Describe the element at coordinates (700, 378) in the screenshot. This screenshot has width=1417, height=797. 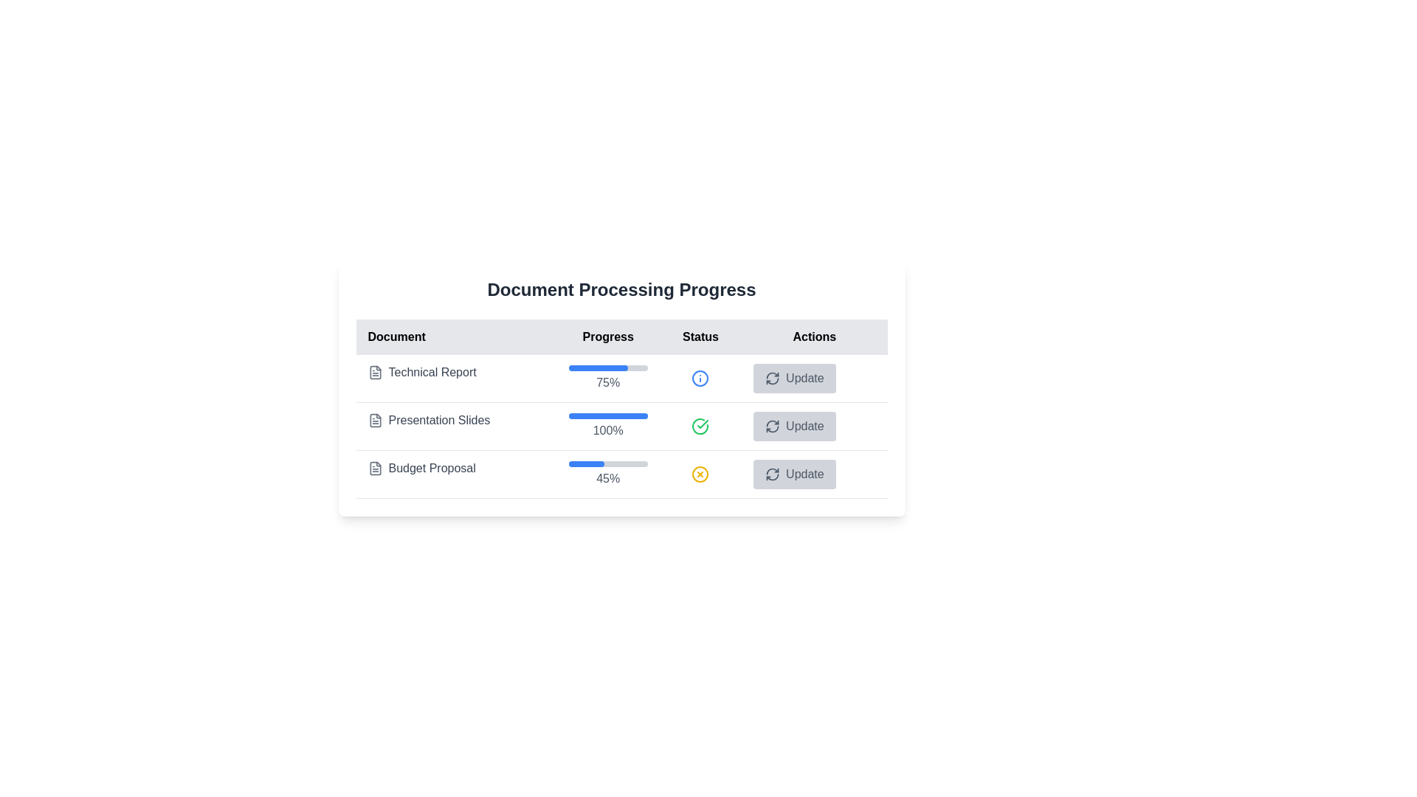
I see `the SVG Circle with a blue border in the 'Status' column of the first row corresponding to the 'Technical Report' entry` at that location.